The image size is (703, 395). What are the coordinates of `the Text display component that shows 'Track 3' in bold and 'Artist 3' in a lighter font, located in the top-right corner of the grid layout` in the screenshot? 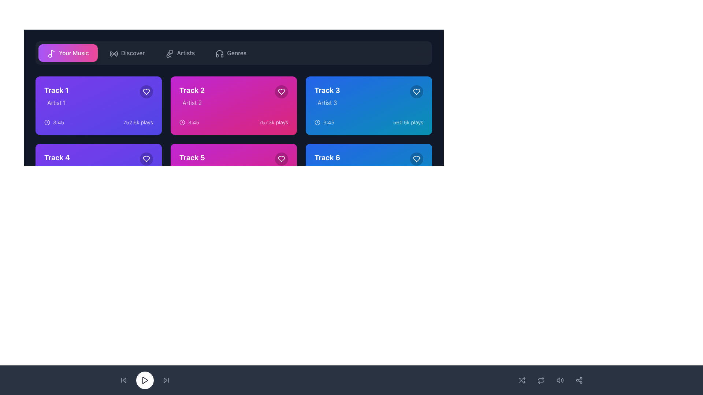 It's located at (327, 95).